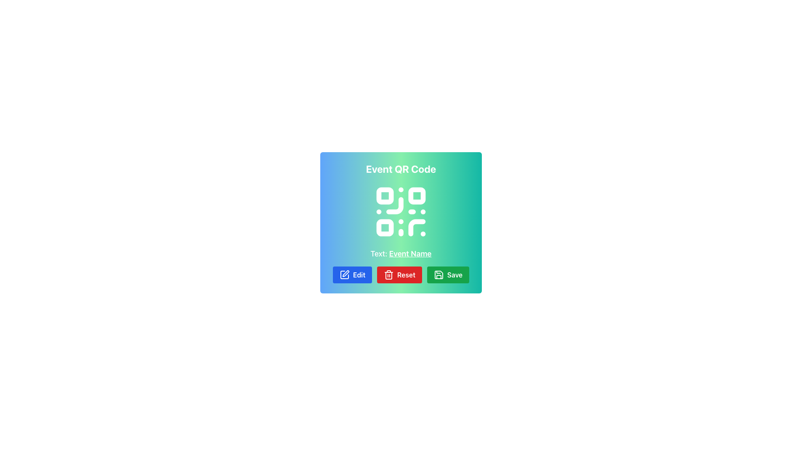  I want to click on the curved line in the QR code graphic located at the center of the interface, specifically in the middle area leading from the top to the left side of the design, so click(394, 206).